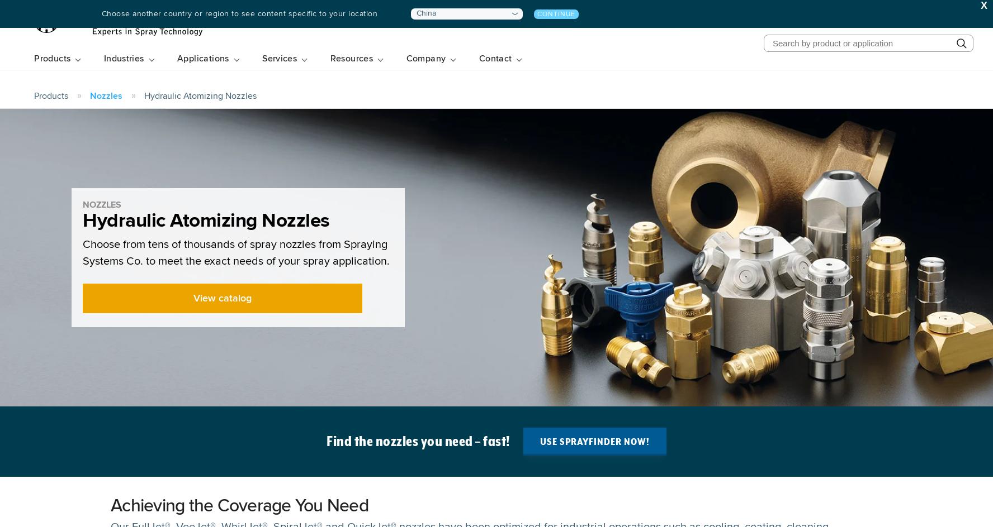  I want to click on 'Choose from tens of thousands of spray nozzles from Spraying Systems Co. to meet the exact needs of your spray application.', so click(82, 251).